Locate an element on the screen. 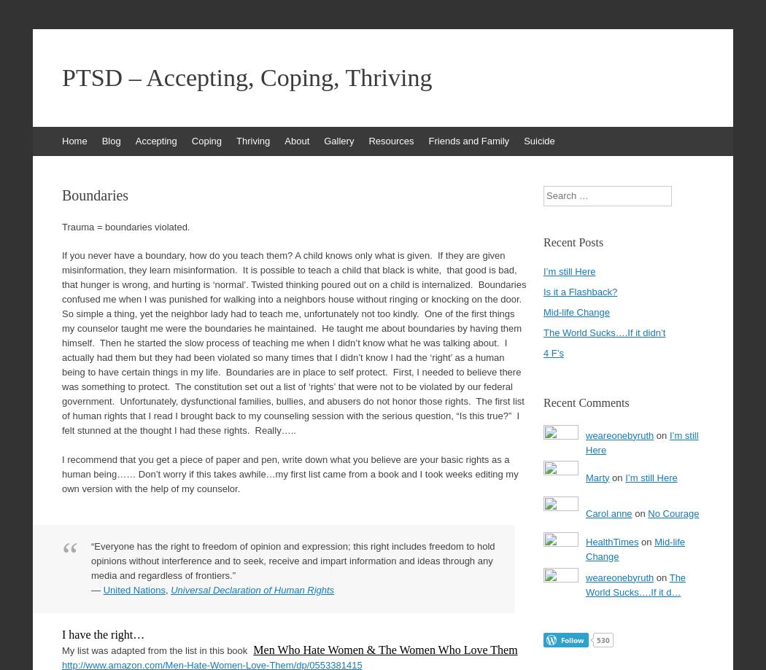 The width and height of the screenshot is (766, 670). 'Marty' is located at coordinates (597, 476).